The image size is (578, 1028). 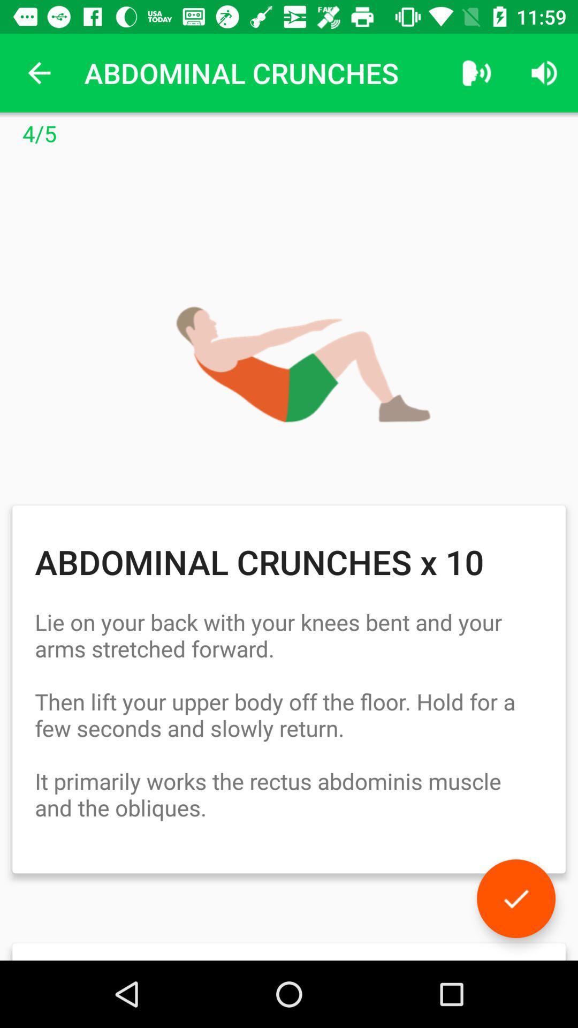 I want to click on icon at the top left corner, so click(x=39, y=72).